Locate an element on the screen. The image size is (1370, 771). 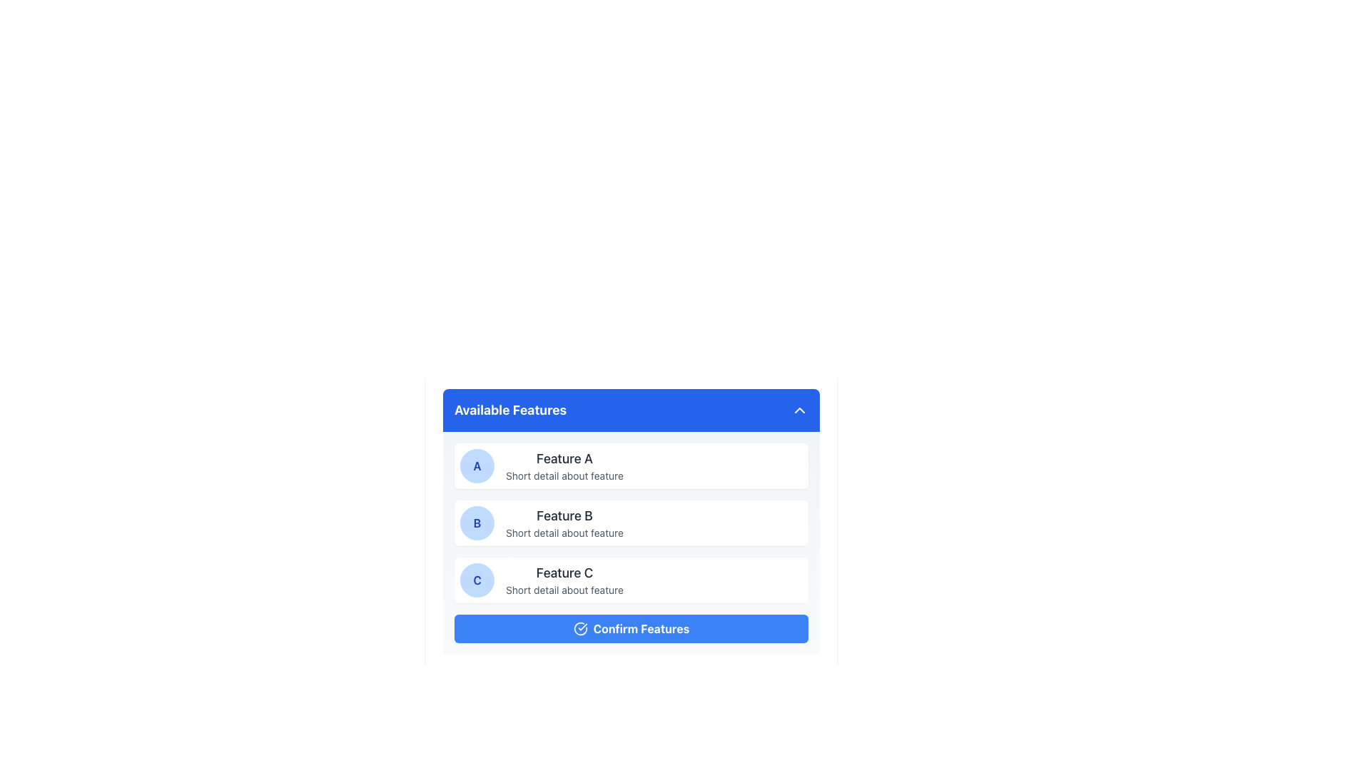
the 'Feature B' text display which includes a title and subtitle within a white card, located in the second card of the 'Available Features' panel is located at coordinates (564, 523).